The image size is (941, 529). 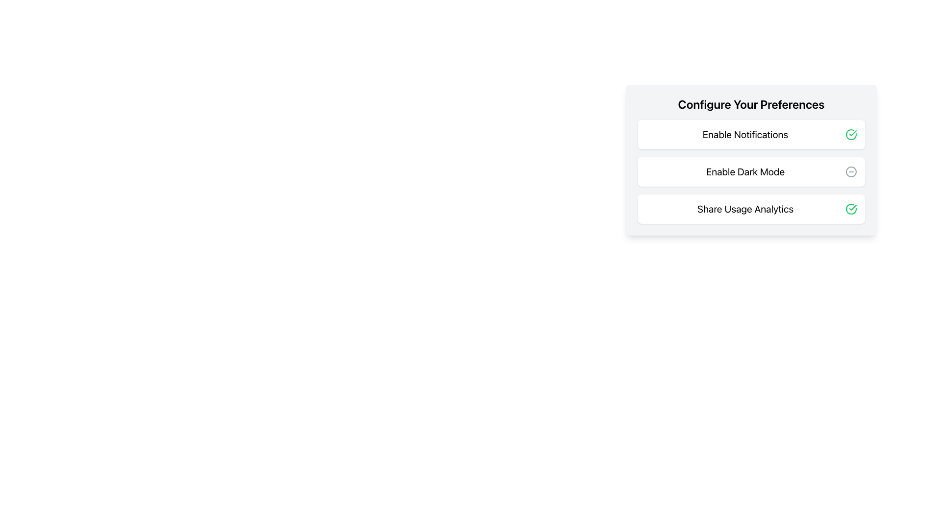 What do you see at coordinates (750, 209) in the screenshot?
I see `the 'Share Usage Analytics' card, which is the third item in a list of preference options` at bounding box center [750, 209].